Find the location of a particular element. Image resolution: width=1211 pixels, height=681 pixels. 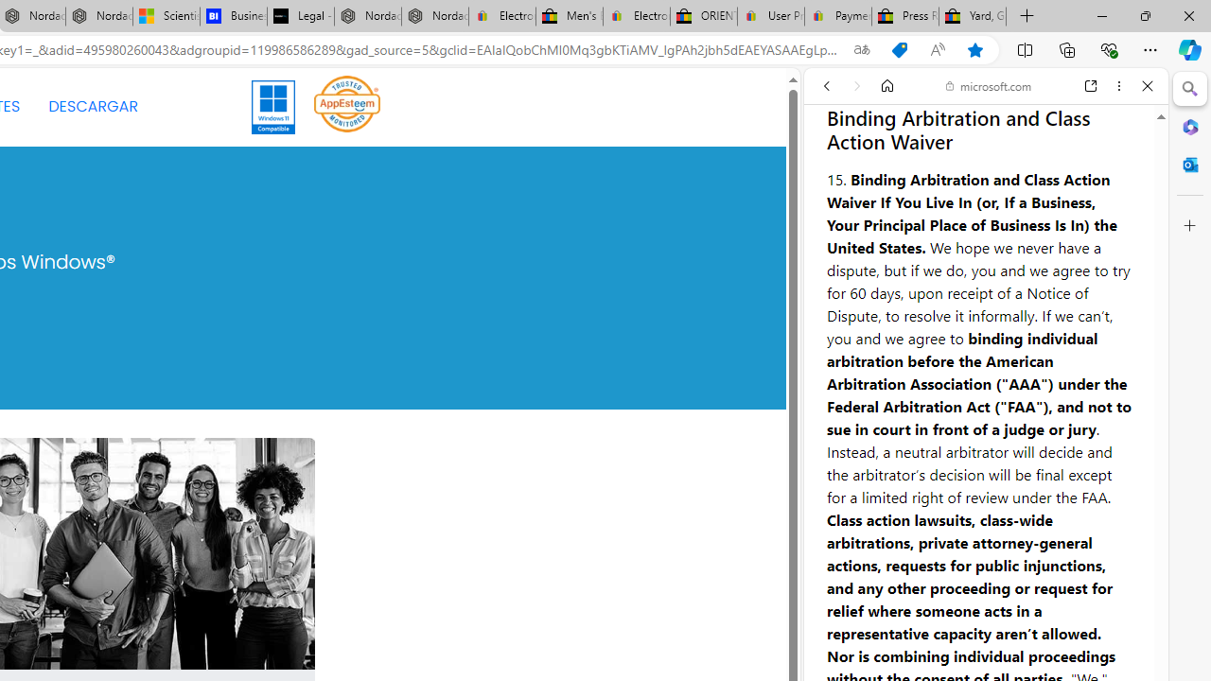

'App Esteem' is located at coordinates (347, 107).